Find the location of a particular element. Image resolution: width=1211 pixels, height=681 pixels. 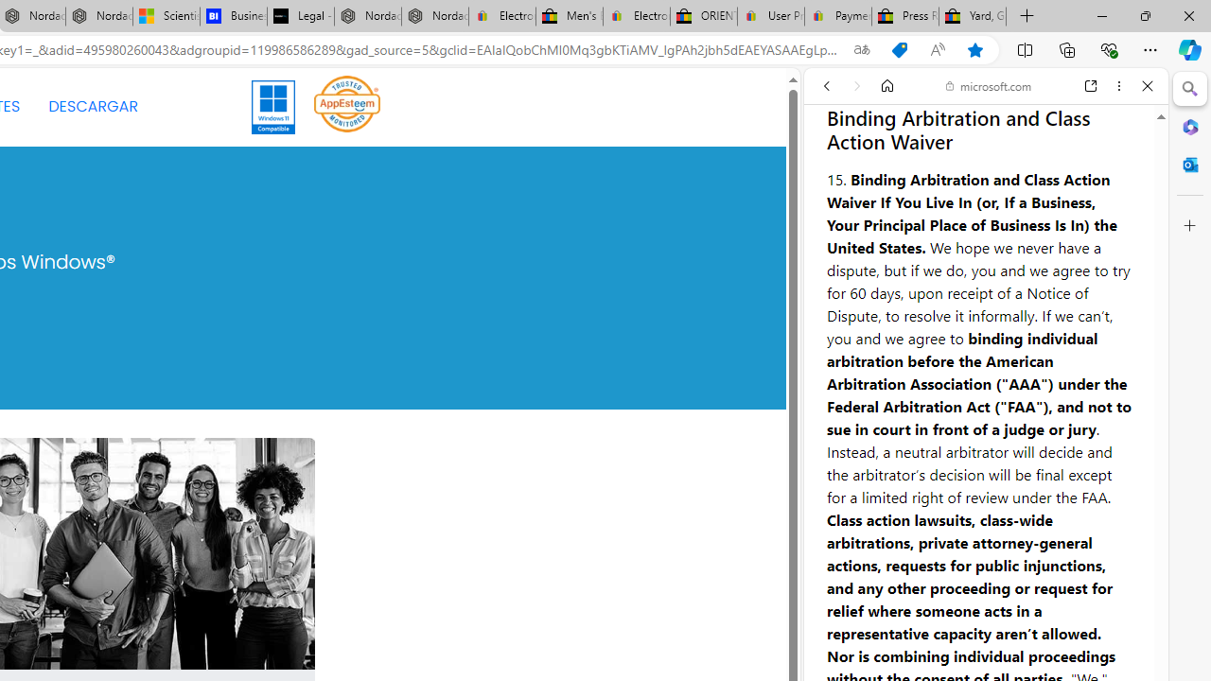

'App Esteem' is located at coordinates (347, 107).